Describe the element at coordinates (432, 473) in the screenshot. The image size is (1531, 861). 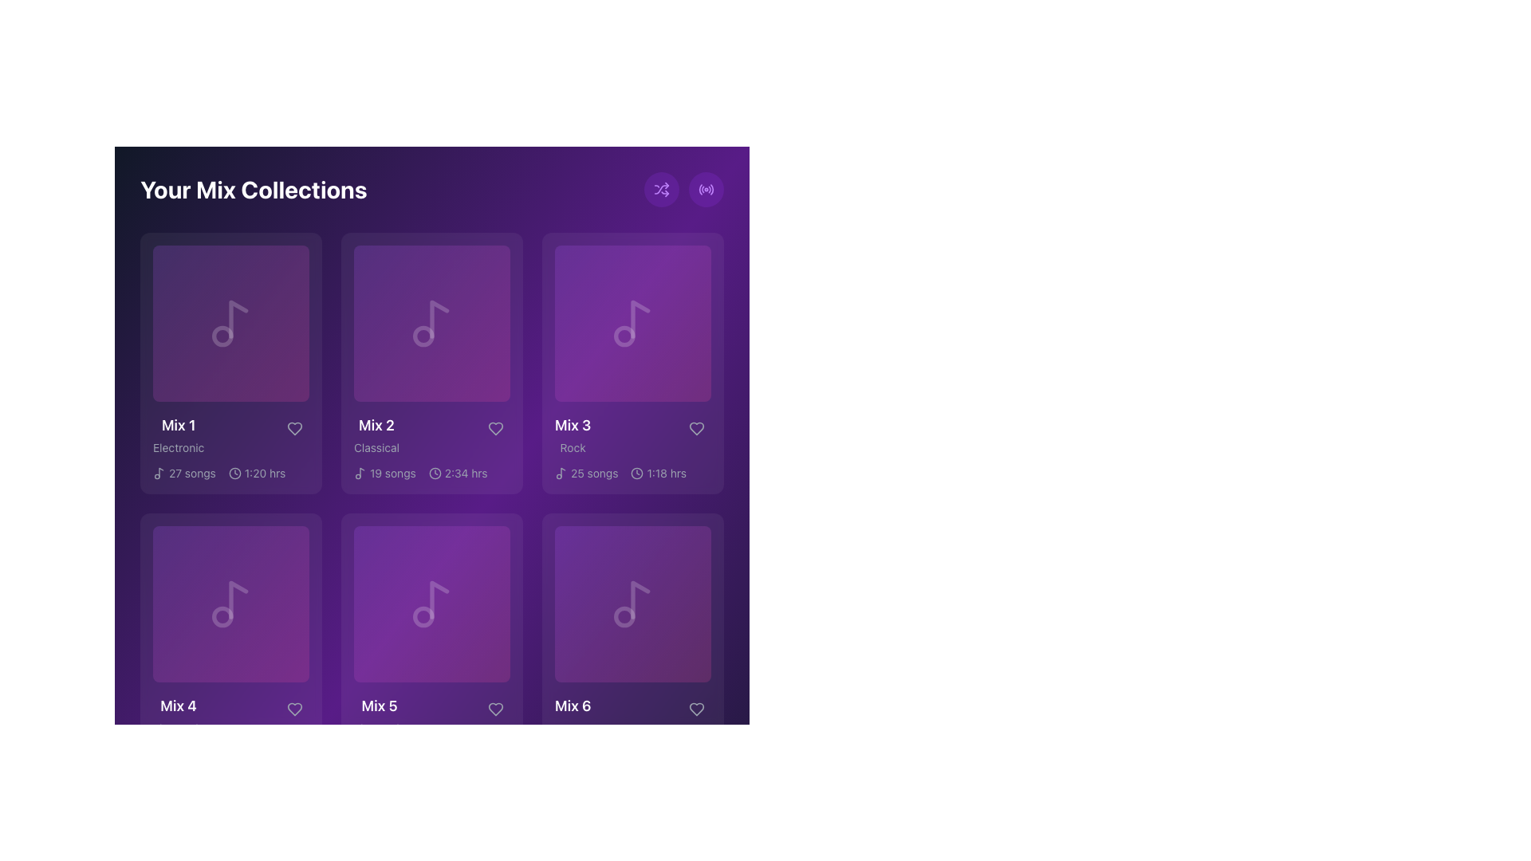
I see `the text label with icons that displays information about the number of songs and duration of the playlist for 'Mix 2', located at the bottom section of the card` at that location.